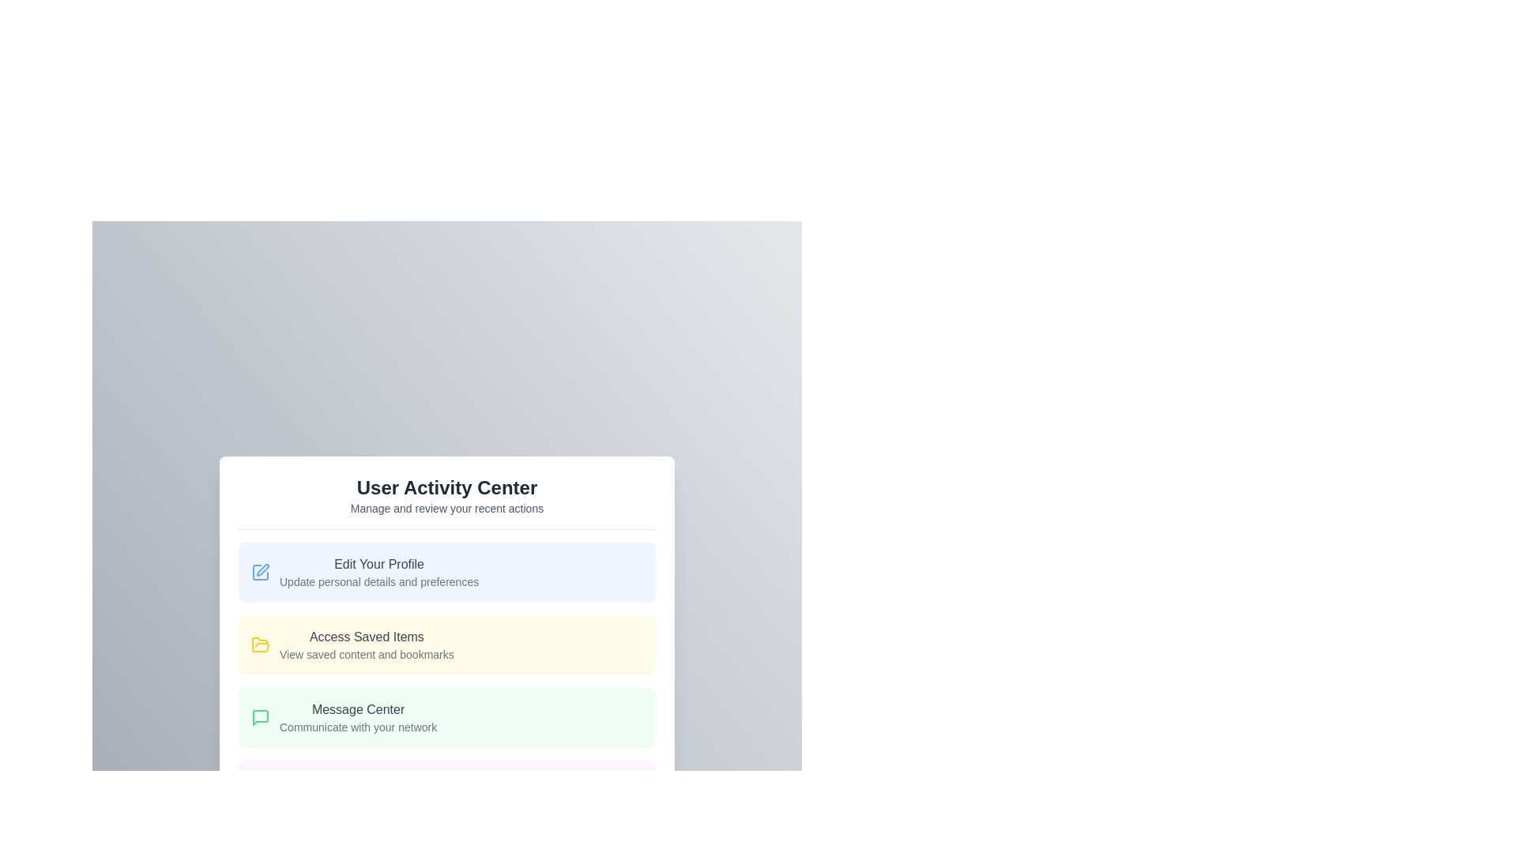 This screenshot has height=853, width=1517. What do you see at coordinates (357, 727) in the screenshot?
I see `the descriptive text label located below 'Message Center' within the green box in the User Activity Center section` at bounding box center [357, 727].